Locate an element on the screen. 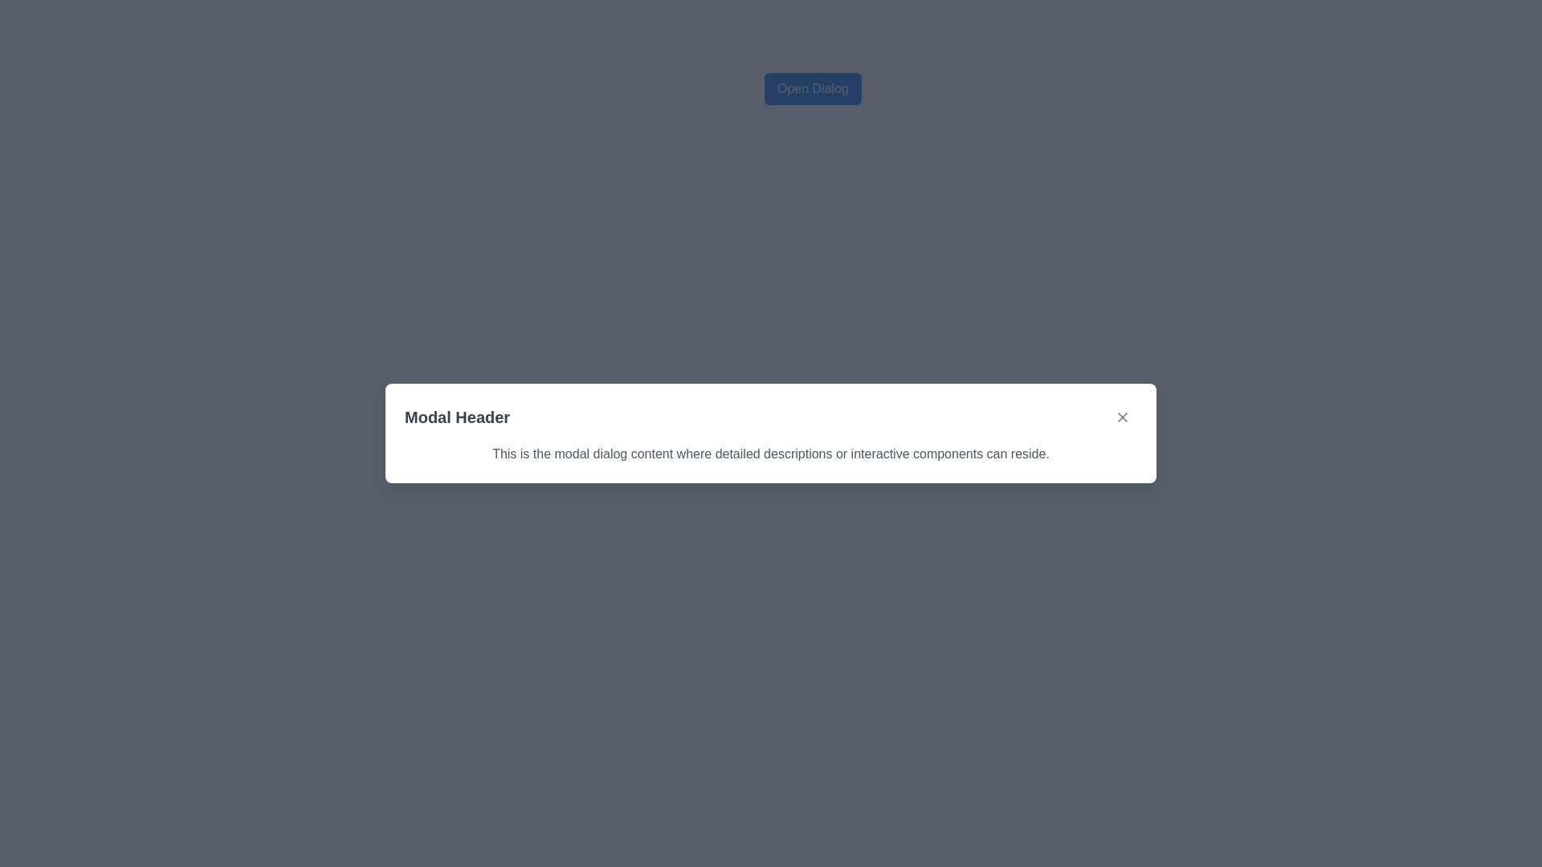 This screenshot has width=1542, height=867. the close button located in the top-right corner of the white modal dialog box is located at coordinates (1121, 417).